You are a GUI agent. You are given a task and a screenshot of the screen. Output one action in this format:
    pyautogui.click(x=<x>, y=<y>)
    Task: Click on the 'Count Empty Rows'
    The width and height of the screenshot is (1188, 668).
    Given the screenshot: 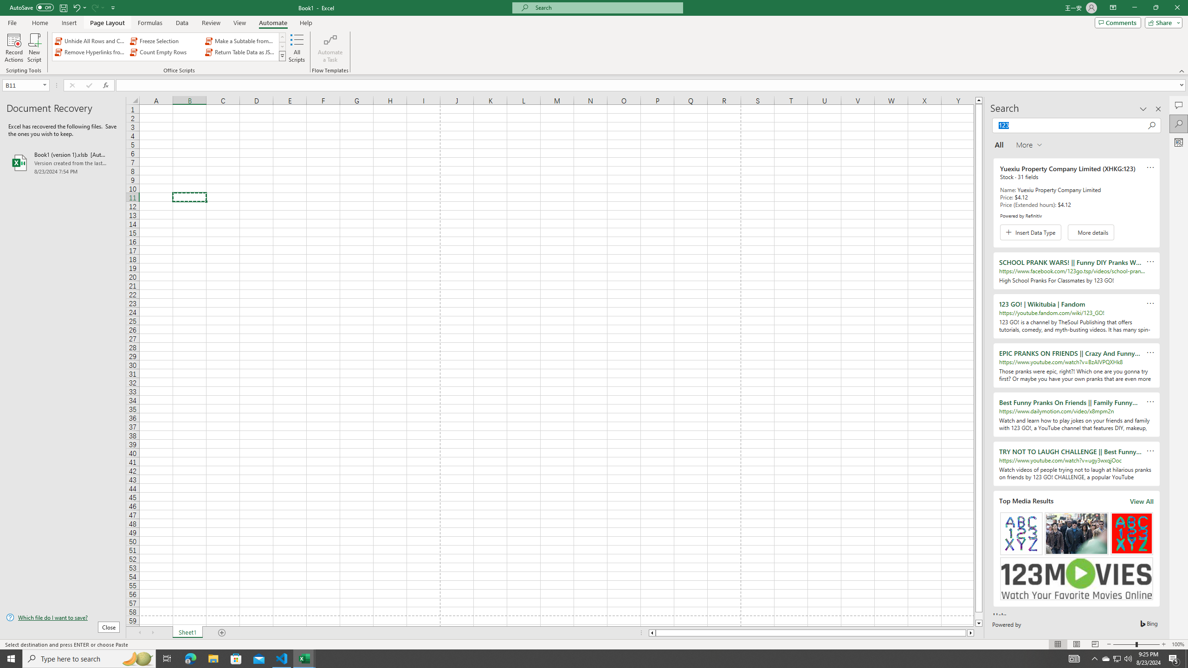 What is the action you would take?
    pyautogui.click(x=165, y=52)
    